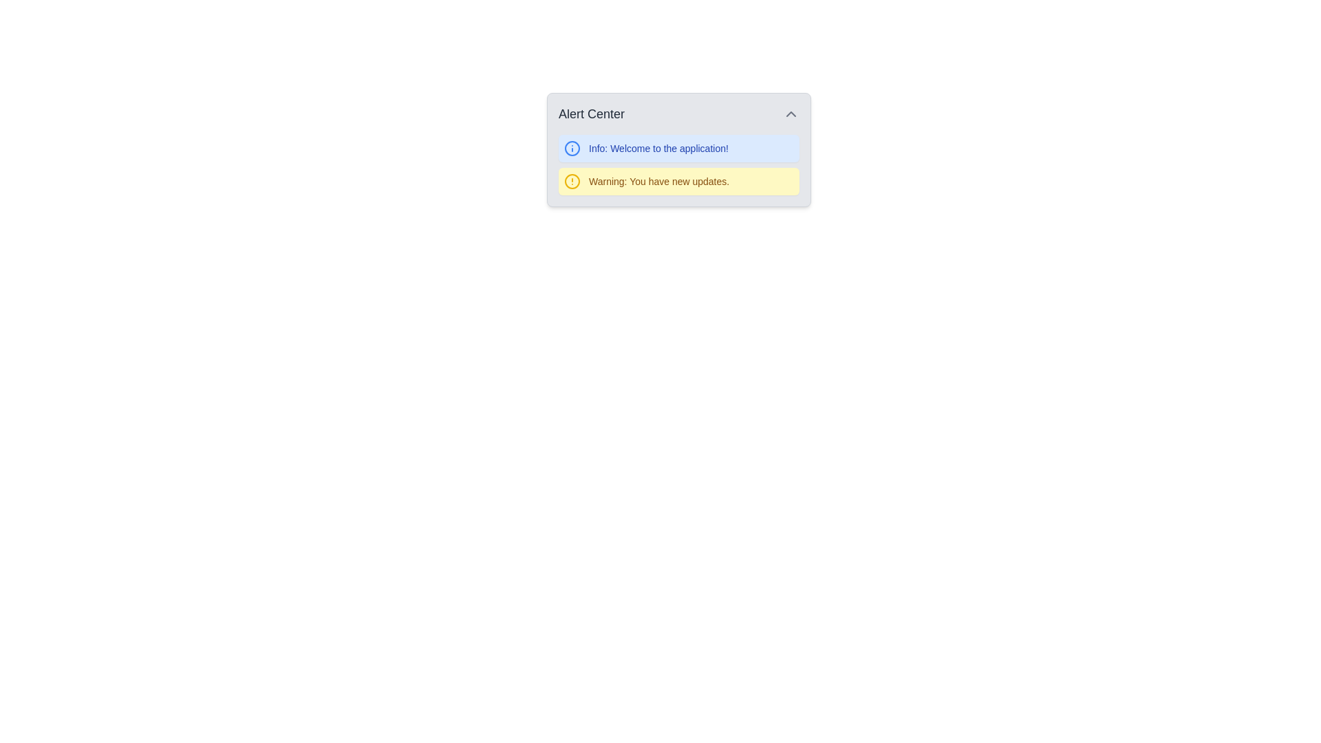 This screenshot has width=1321, height=743. I want to click on text content of the notification banner displaying 'Info: Welcome to the application!' which is styled with a blue background and contains an information icon on the left, so click(679, 149).